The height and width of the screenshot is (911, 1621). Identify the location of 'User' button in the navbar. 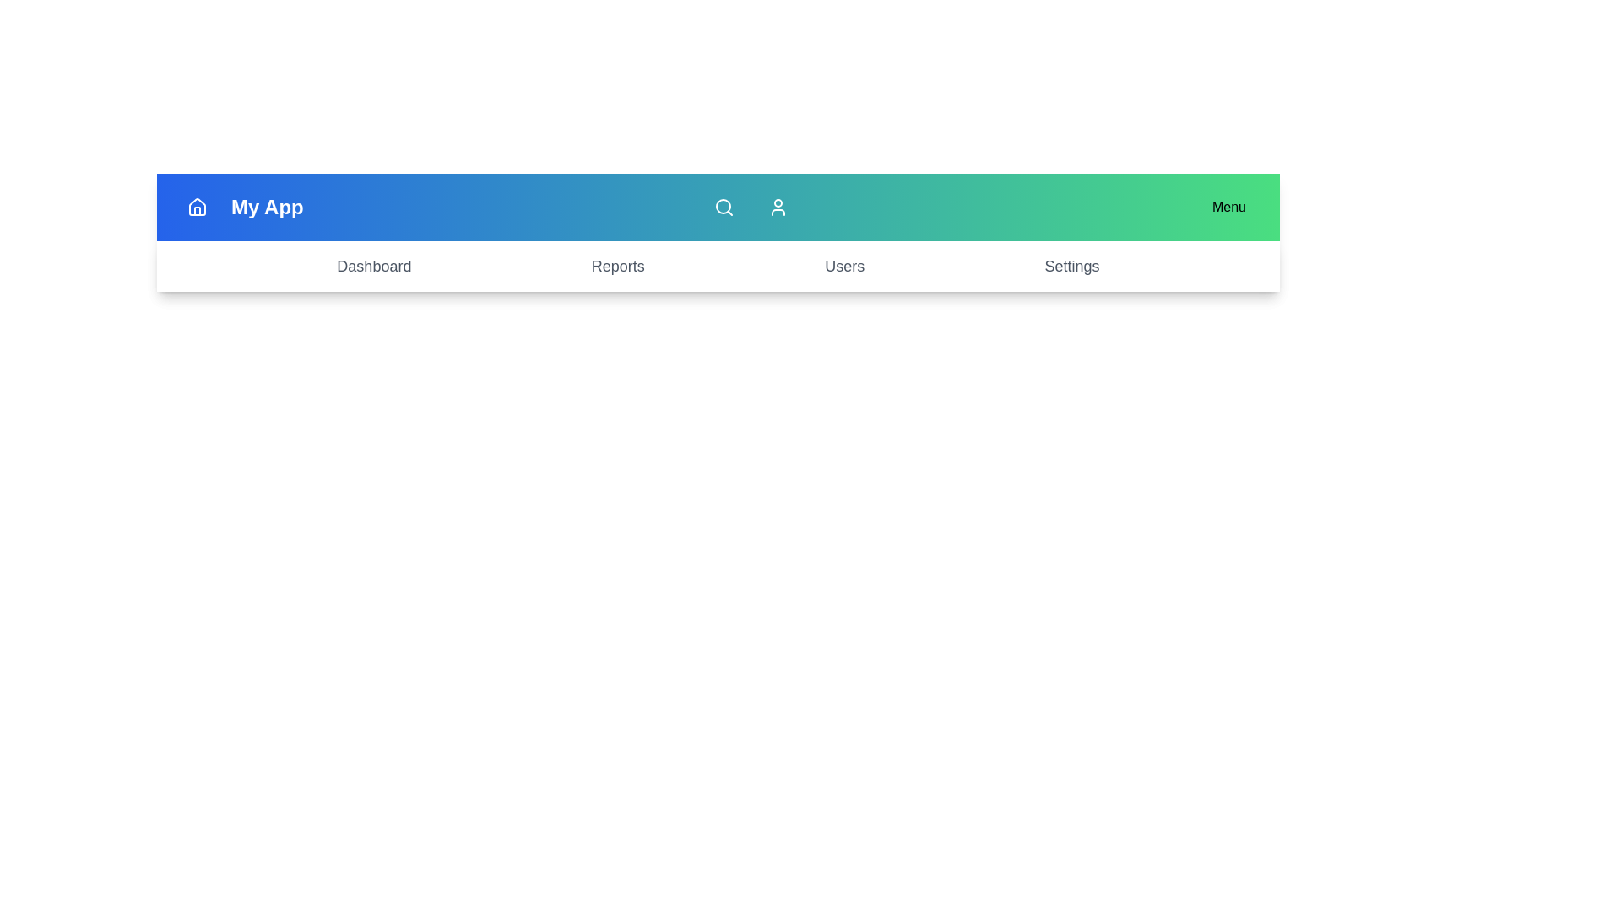
(777, 207).